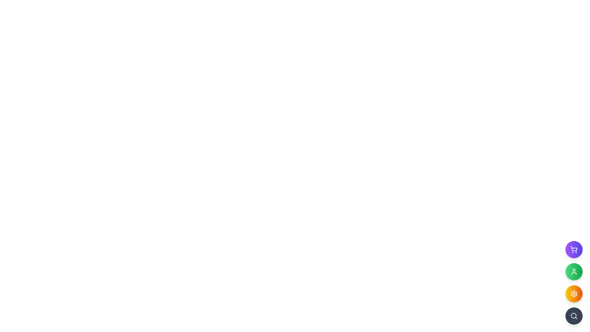  What do you see at coordinates (573, 294) in the screenshot?
I see `the gear icon button, which features a yellow-to-orange gradient and is the third in a vertical stack of circular icons` at bounding box center [573, 294].